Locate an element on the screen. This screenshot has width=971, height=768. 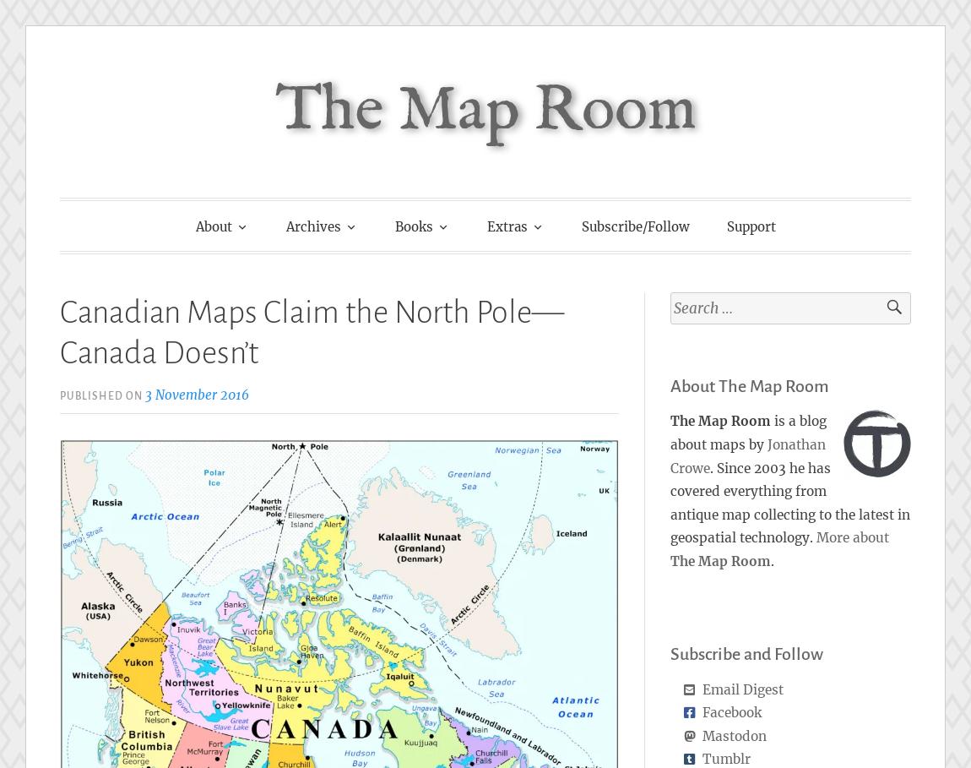
'.' is located at coordinates (773, 559).